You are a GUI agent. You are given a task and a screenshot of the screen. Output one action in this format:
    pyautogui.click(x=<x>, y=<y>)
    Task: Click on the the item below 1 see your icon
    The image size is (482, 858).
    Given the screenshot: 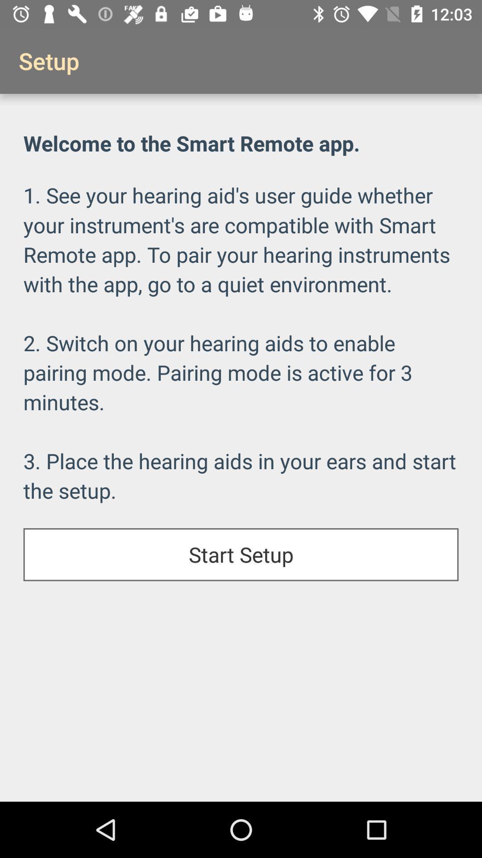 What is the action you would take?
    pyautogui.click(x=241, y=554)
    